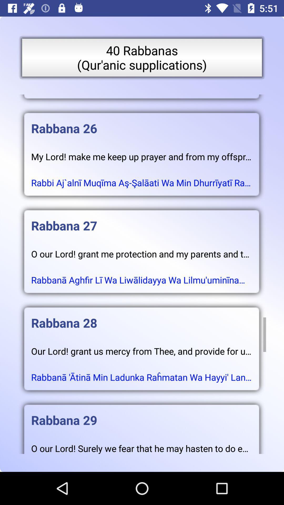 Image resolution: width=284 pixels, height=505 pixels. I want to click on the rabbana 27 icon, so click(141, 220).